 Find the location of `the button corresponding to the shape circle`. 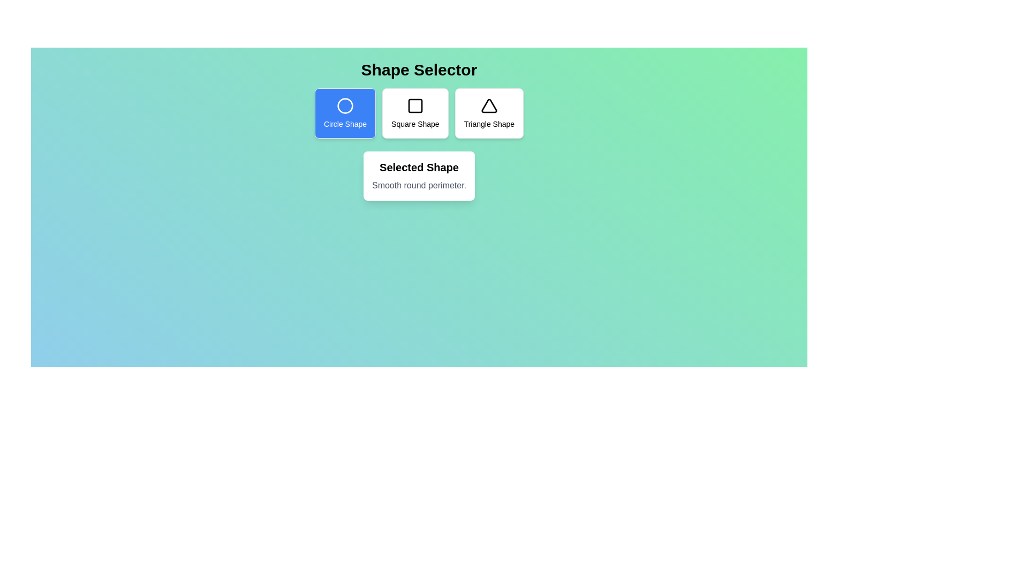

the button corresponding to the shape circle is located at coordinates (345, 113).